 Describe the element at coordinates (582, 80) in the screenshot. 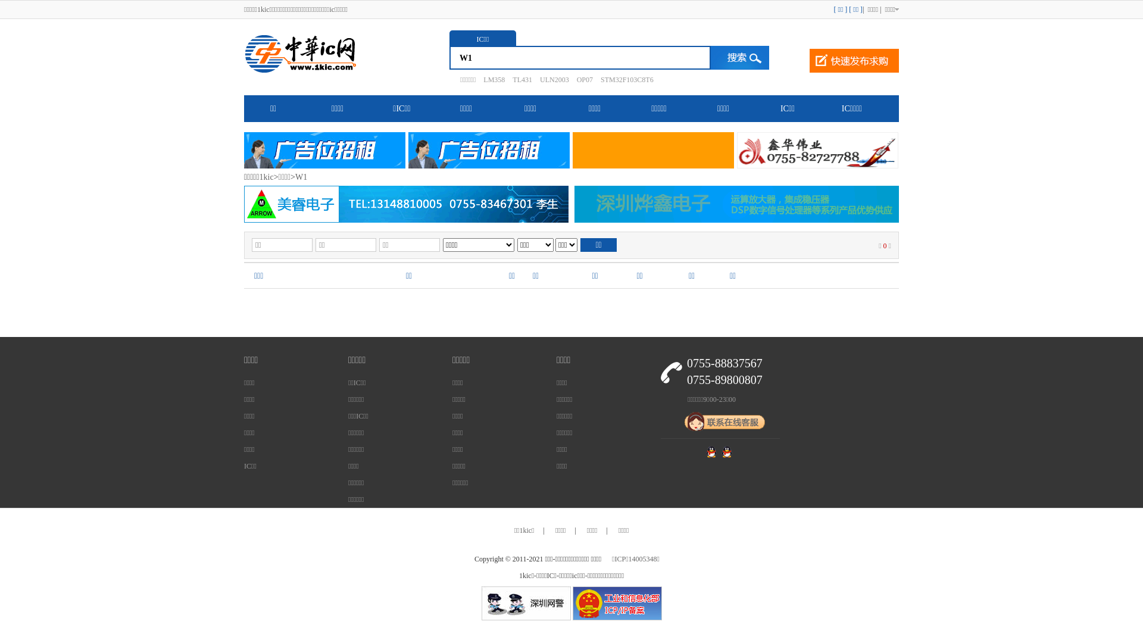

I see `'OP07'` at that location.